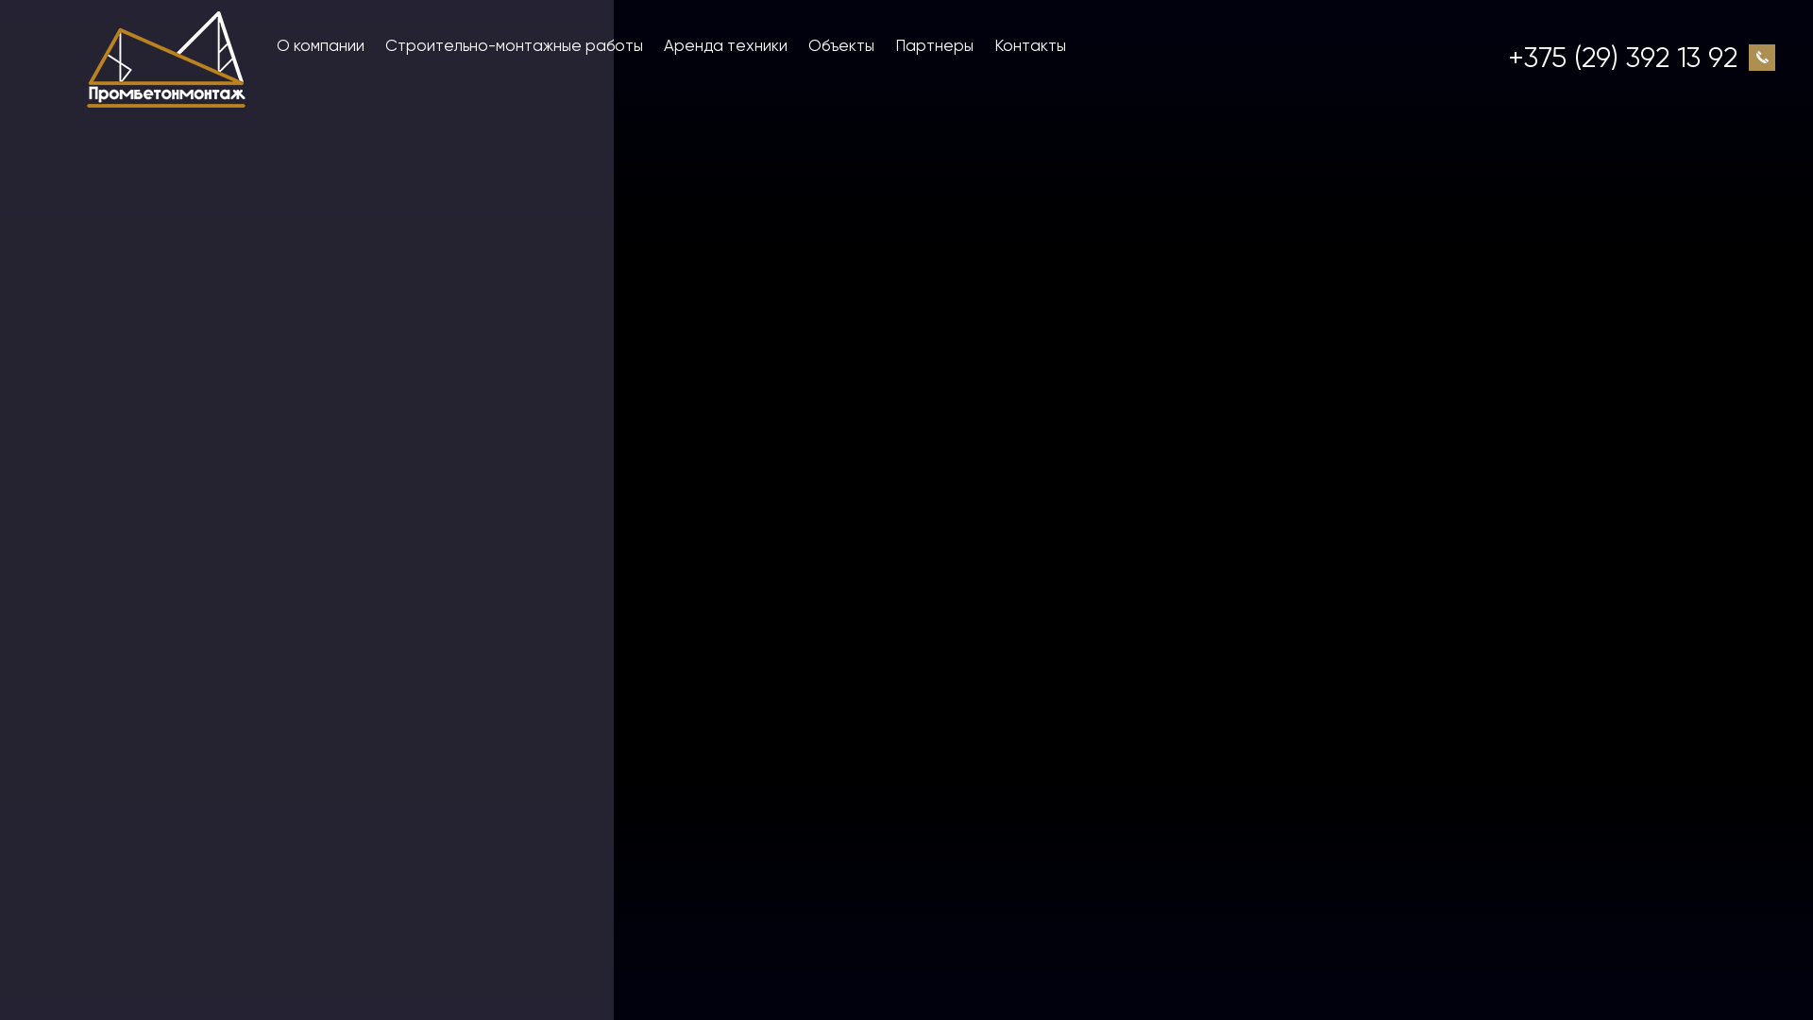 The height and width of the screenshot is (1020, 1813). What do you see at coordinates (1621, 57) in the screenshot?
I see `'+375 (29) 392 13 92'` at bounding box center [1621, 57].